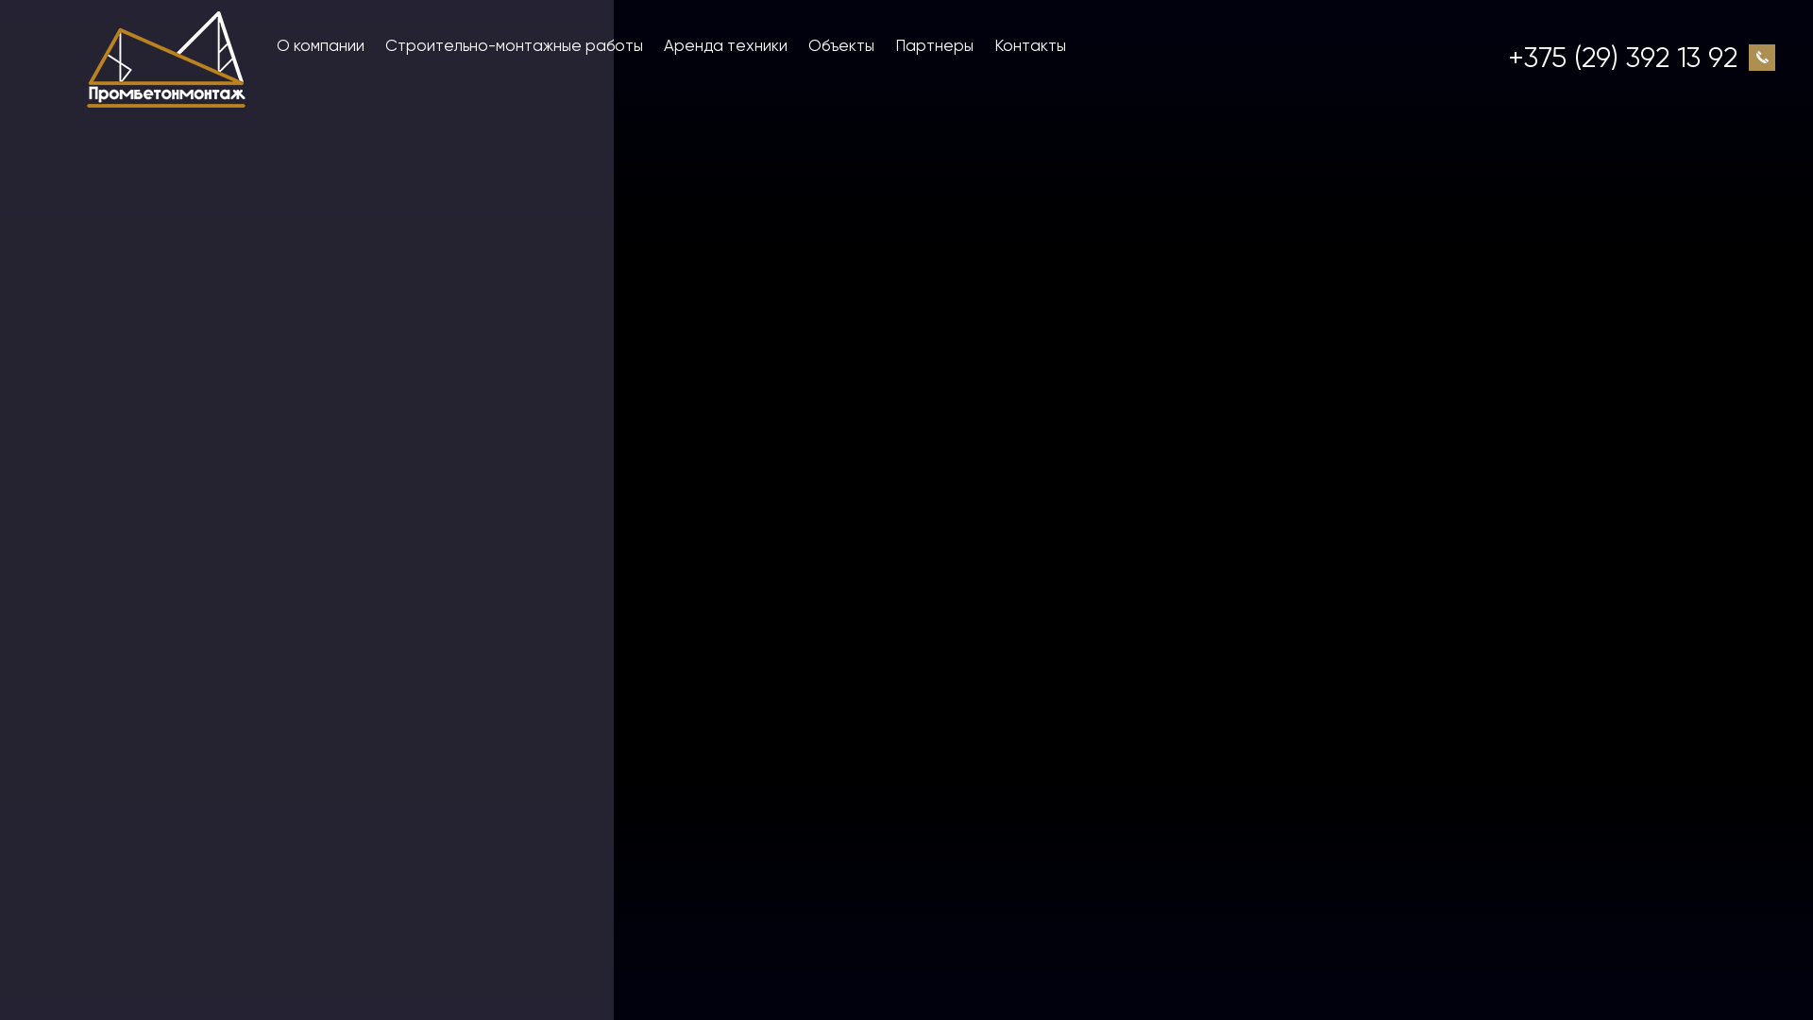 The height and width of the screenshot is (1020, 1813). What do you see at coordinates (1621, 57) in the screenshot?
I see `'+375 (29) 392 13 92'` at bounding box center [1621, 57].